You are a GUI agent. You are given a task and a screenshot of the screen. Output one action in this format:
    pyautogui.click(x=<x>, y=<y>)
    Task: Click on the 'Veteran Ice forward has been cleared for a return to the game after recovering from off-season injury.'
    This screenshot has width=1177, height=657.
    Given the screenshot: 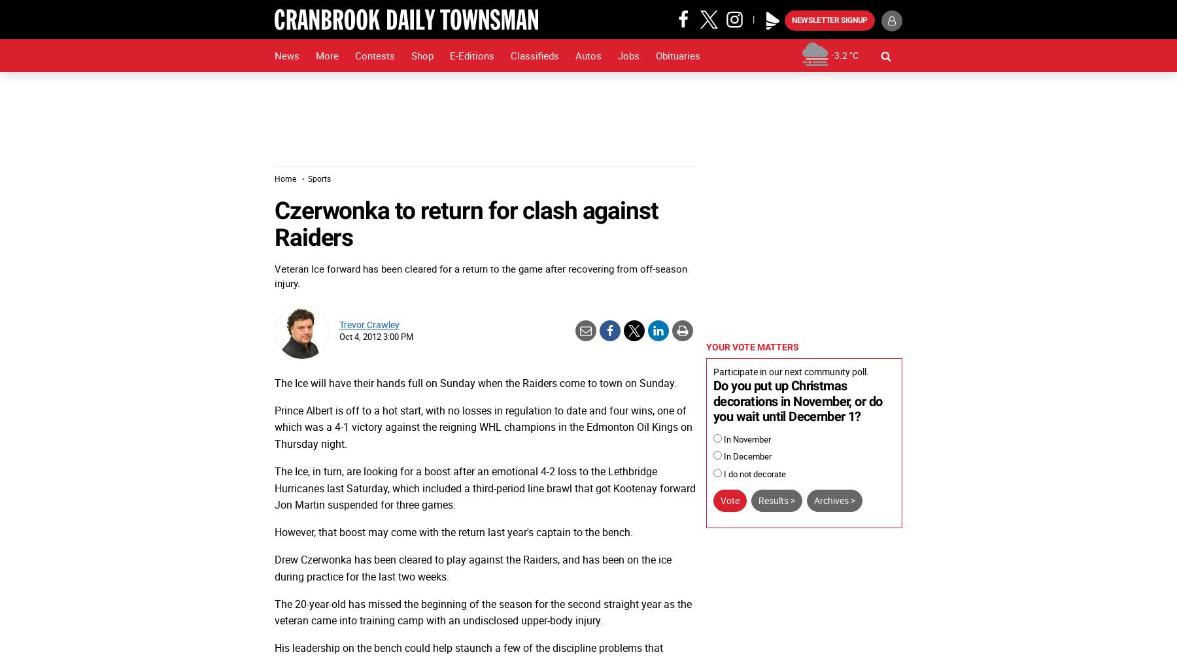 What is the action you would take?
    pyautogui.click(x=480, y=275)
    